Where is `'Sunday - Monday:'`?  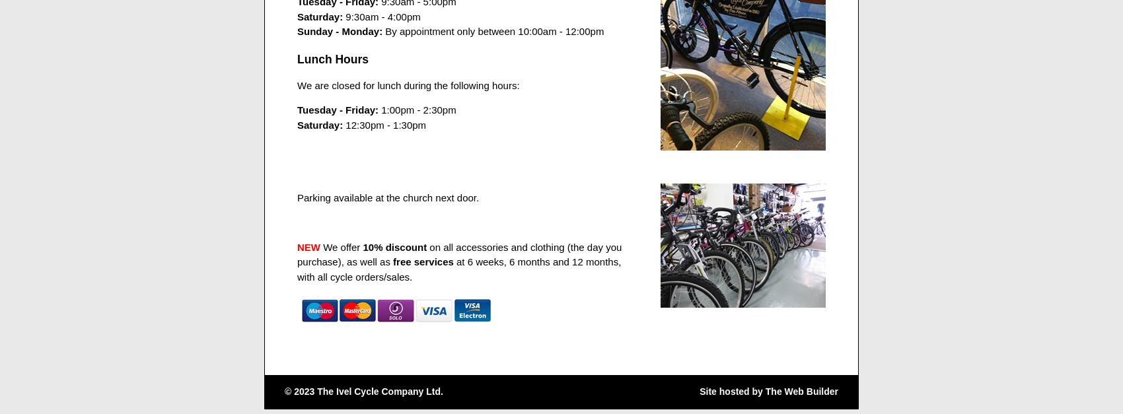
'Sunday - Monday:' is located at coordinates (340, 31).